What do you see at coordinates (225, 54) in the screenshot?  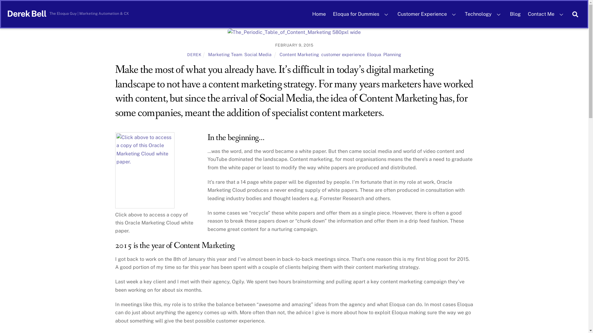 I see `'Marketing Team'` at bounding box center [225, 54].